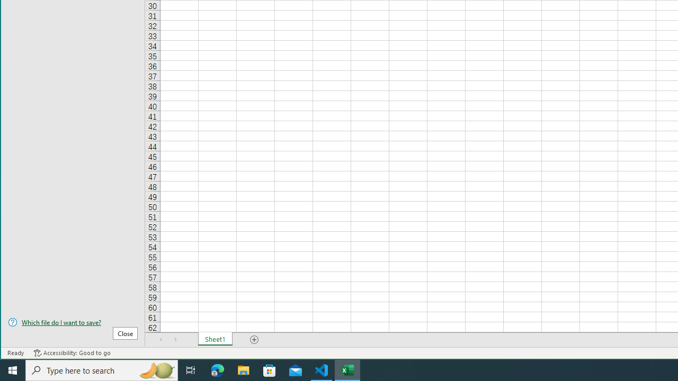 The height and width of the screenshot is (381, 678). What do you see at coordinates (125, 333) in the screenshot?
I see `'Close'` at bounding box center [125, 333].